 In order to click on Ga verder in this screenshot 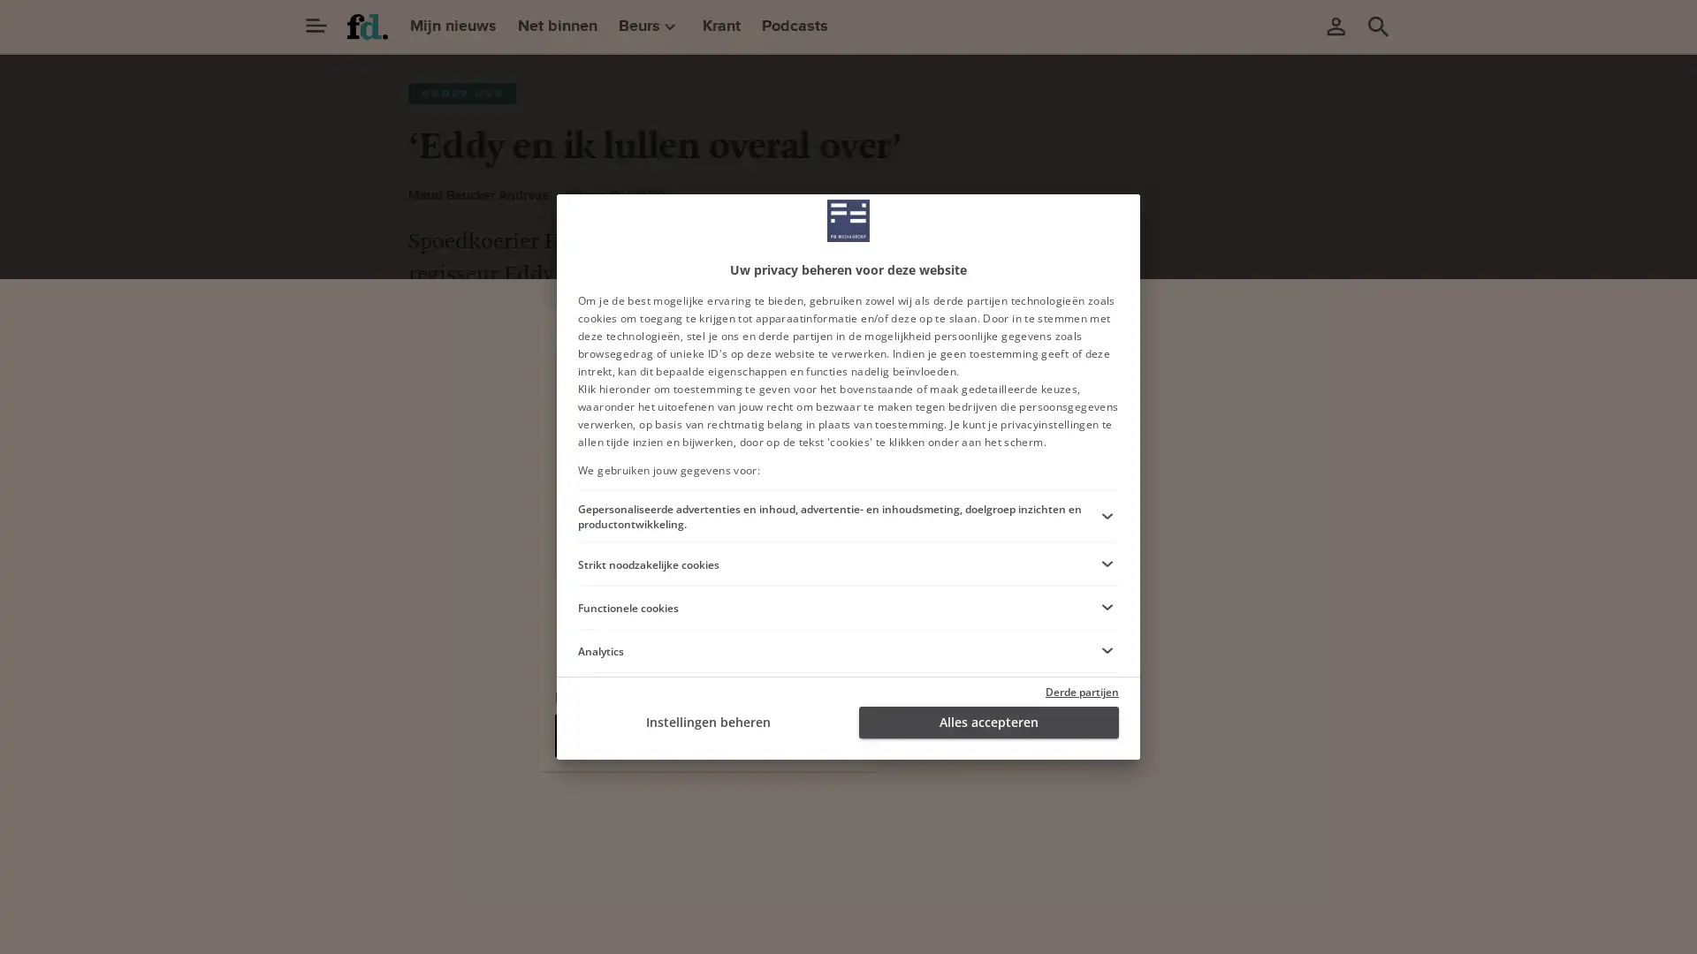, I will do `click(708, 534)`.